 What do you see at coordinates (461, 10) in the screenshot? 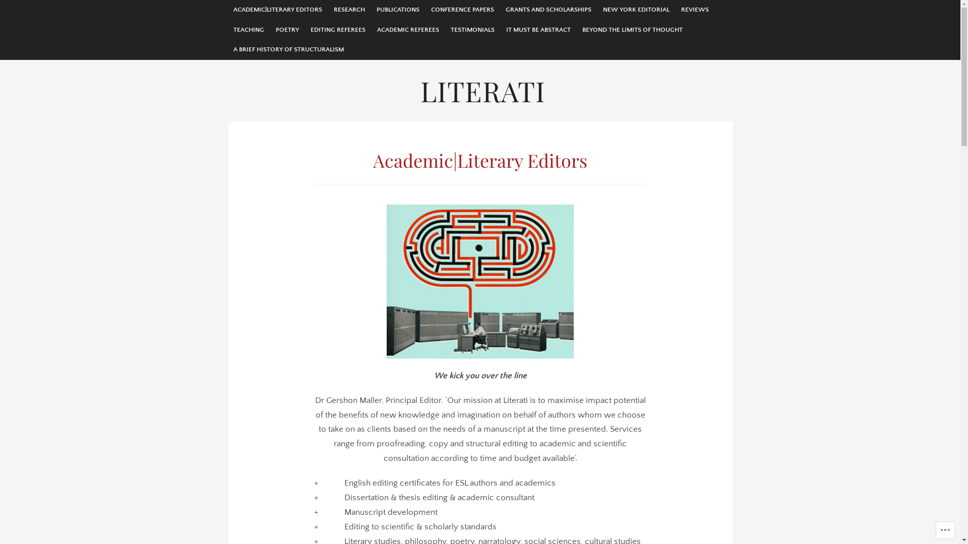
I see `'CONFERENCE PAPERS'` at bounding box center [461, 10].